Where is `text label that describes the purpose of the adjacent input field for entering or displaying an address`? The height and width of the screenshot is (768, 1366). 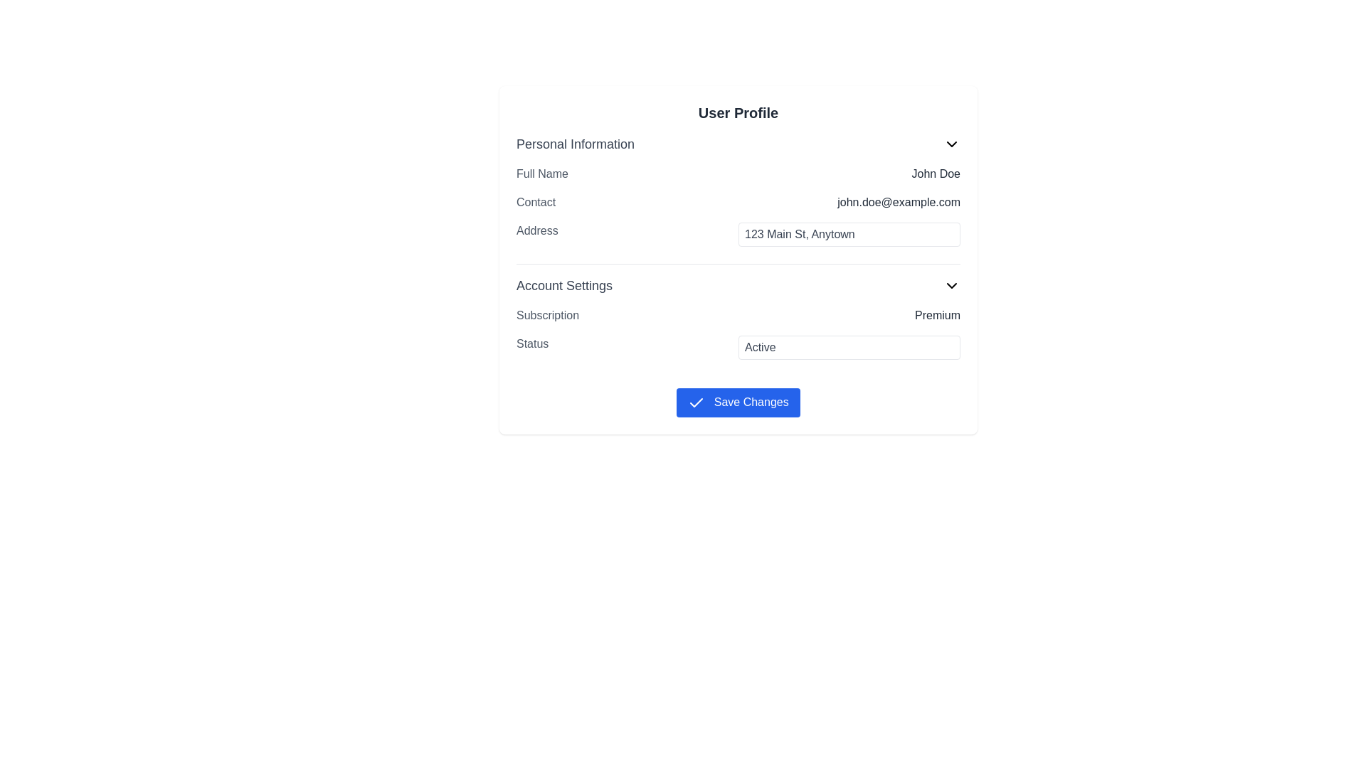
text label that describes the purpose of the adjacent input field for entering or displaying an address is located at coordinates (536, 234).